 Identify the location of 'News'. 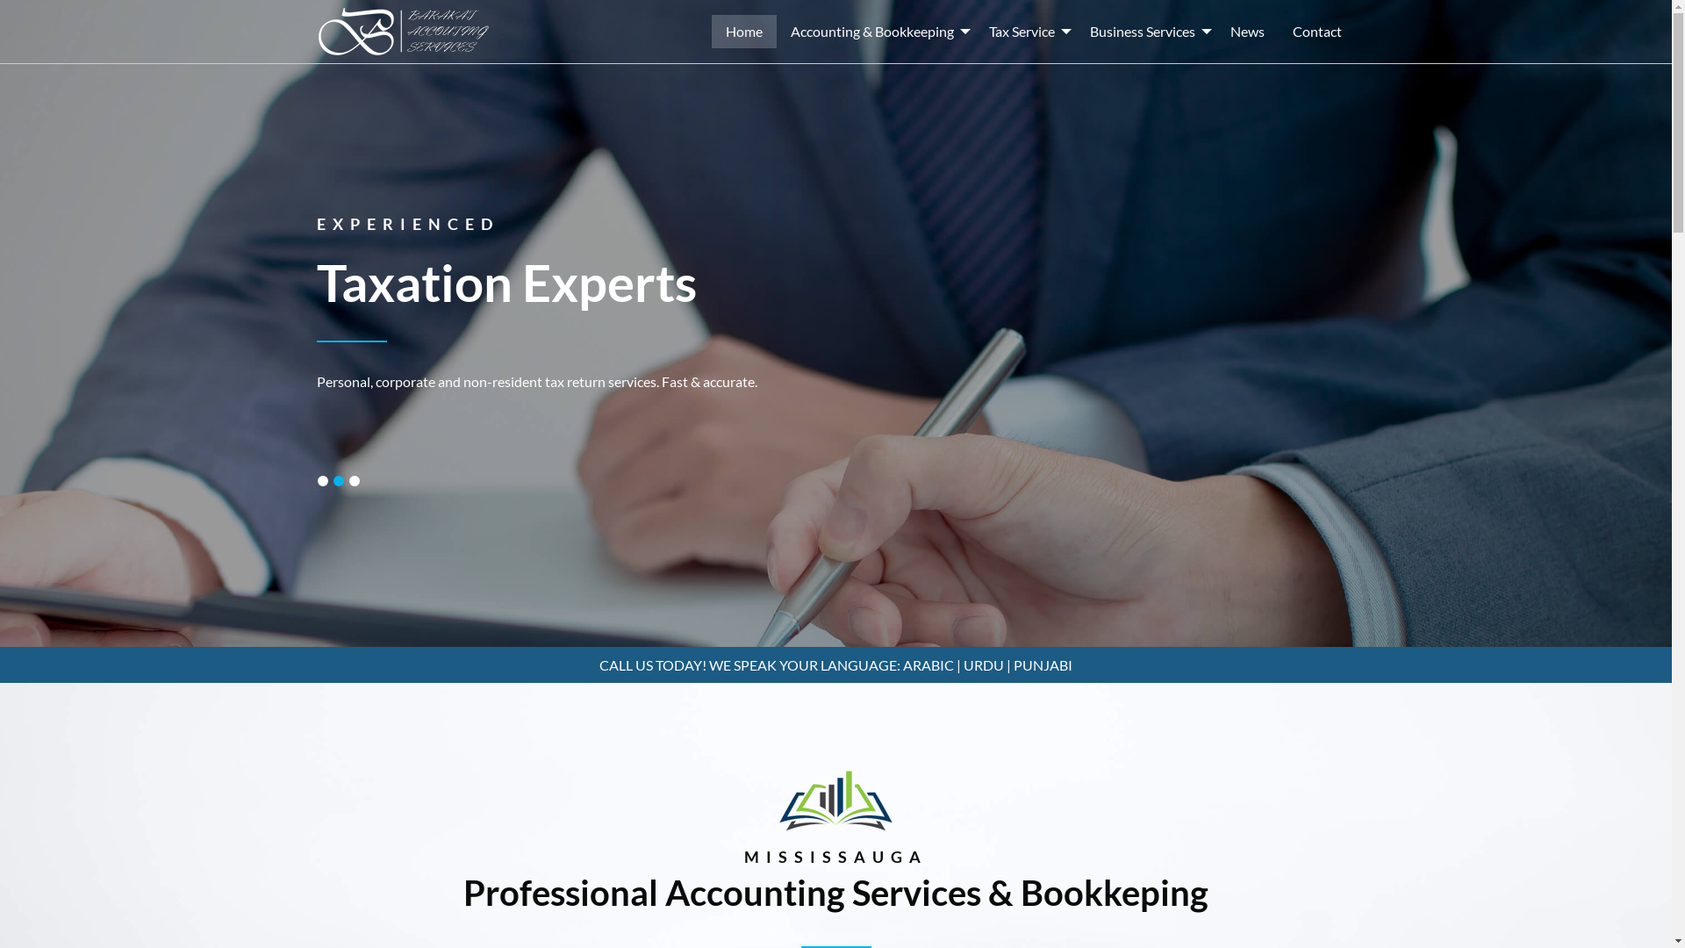
(1246, 31).